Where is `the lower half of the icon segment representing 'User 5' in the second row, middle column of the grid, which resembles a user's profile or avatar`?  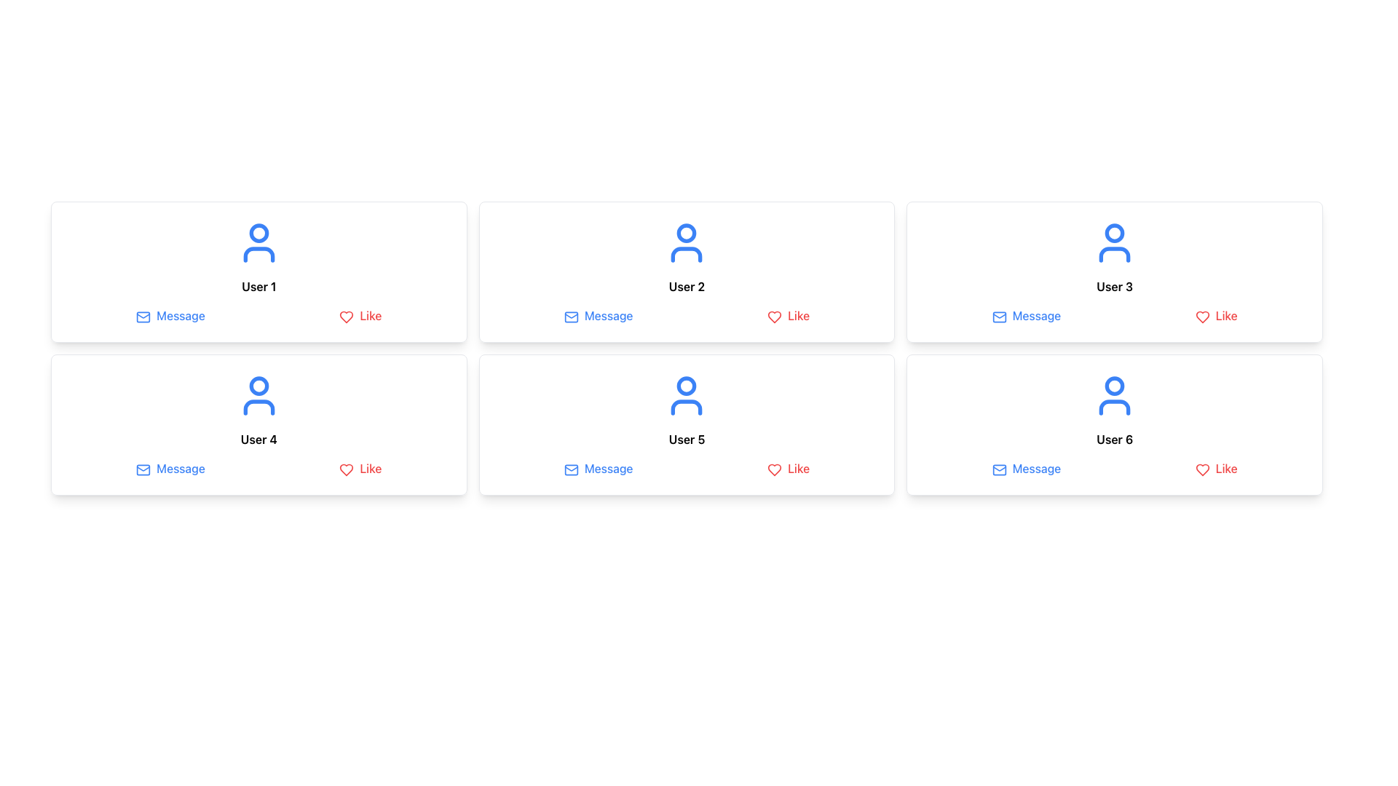 the lower half of the icon segment representing 'User 5' in the second row, middle column of the grid, which resembles a user's profile or avatar is located at coordinates (686, 407).